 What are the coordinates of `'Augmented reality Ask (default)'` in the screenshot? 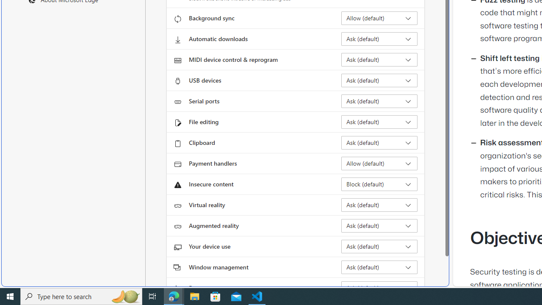 It's located at (379, 225).